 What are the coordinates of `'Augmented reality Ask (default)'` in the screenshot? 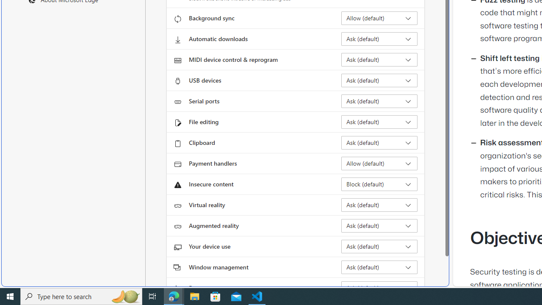 It's located at (379, 225).